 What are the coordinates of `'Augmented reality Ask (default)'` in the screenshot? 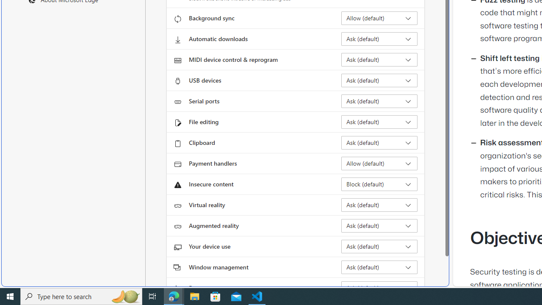 It's located at (379, 225).